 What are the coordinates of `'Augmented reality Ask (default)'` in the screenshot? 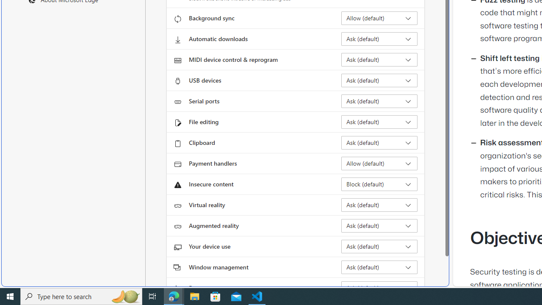 It's located at (379, 225).